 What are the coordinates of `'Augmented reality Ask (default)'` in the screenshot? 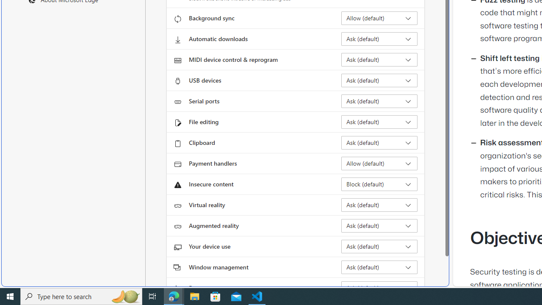 It's located at (379, 225).